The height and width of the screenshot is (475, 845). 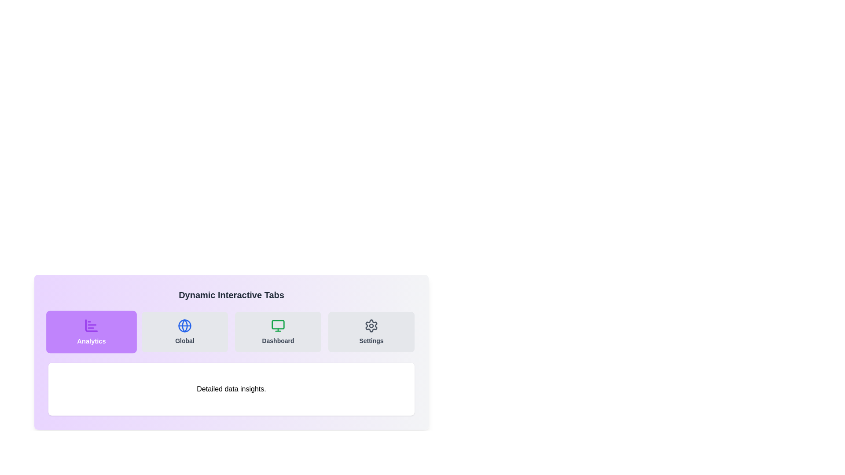 What do you see at coordinates (184, 325) in the screenshot?
I see `the 'Global' icon in the navigation interface, which is located above the 'Global' label and between the 'Analytics' and 'Dashboard' icons` at bounding box center [184, 325].